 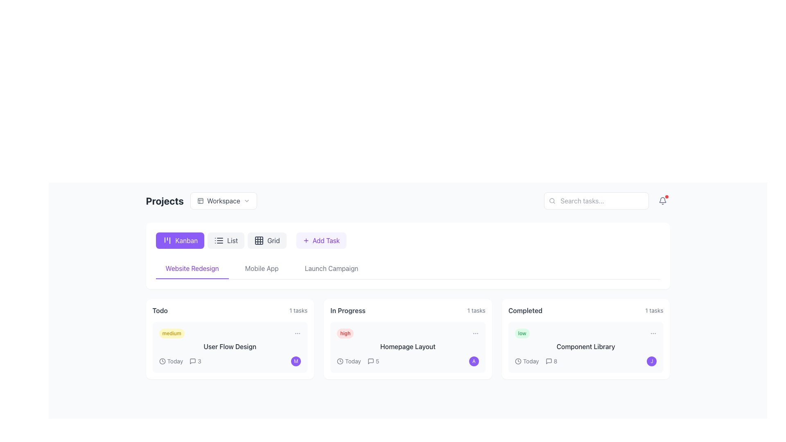 I want to click on the comments icon located in the 'In Progress' card, positioned to the left of the number '5', so click(x=370, y=361).